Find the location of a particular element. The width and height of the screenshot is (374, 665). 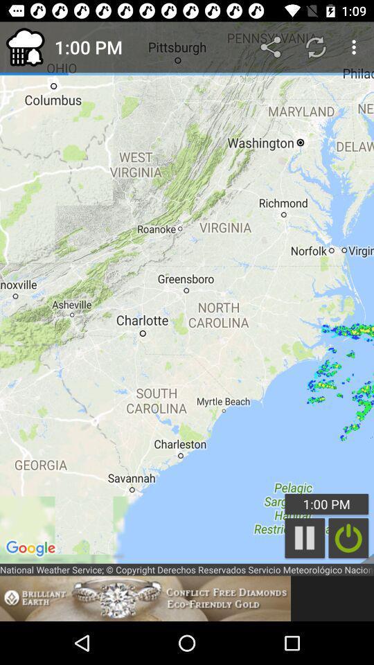

open the settings power is located at coordinates (348, 538).